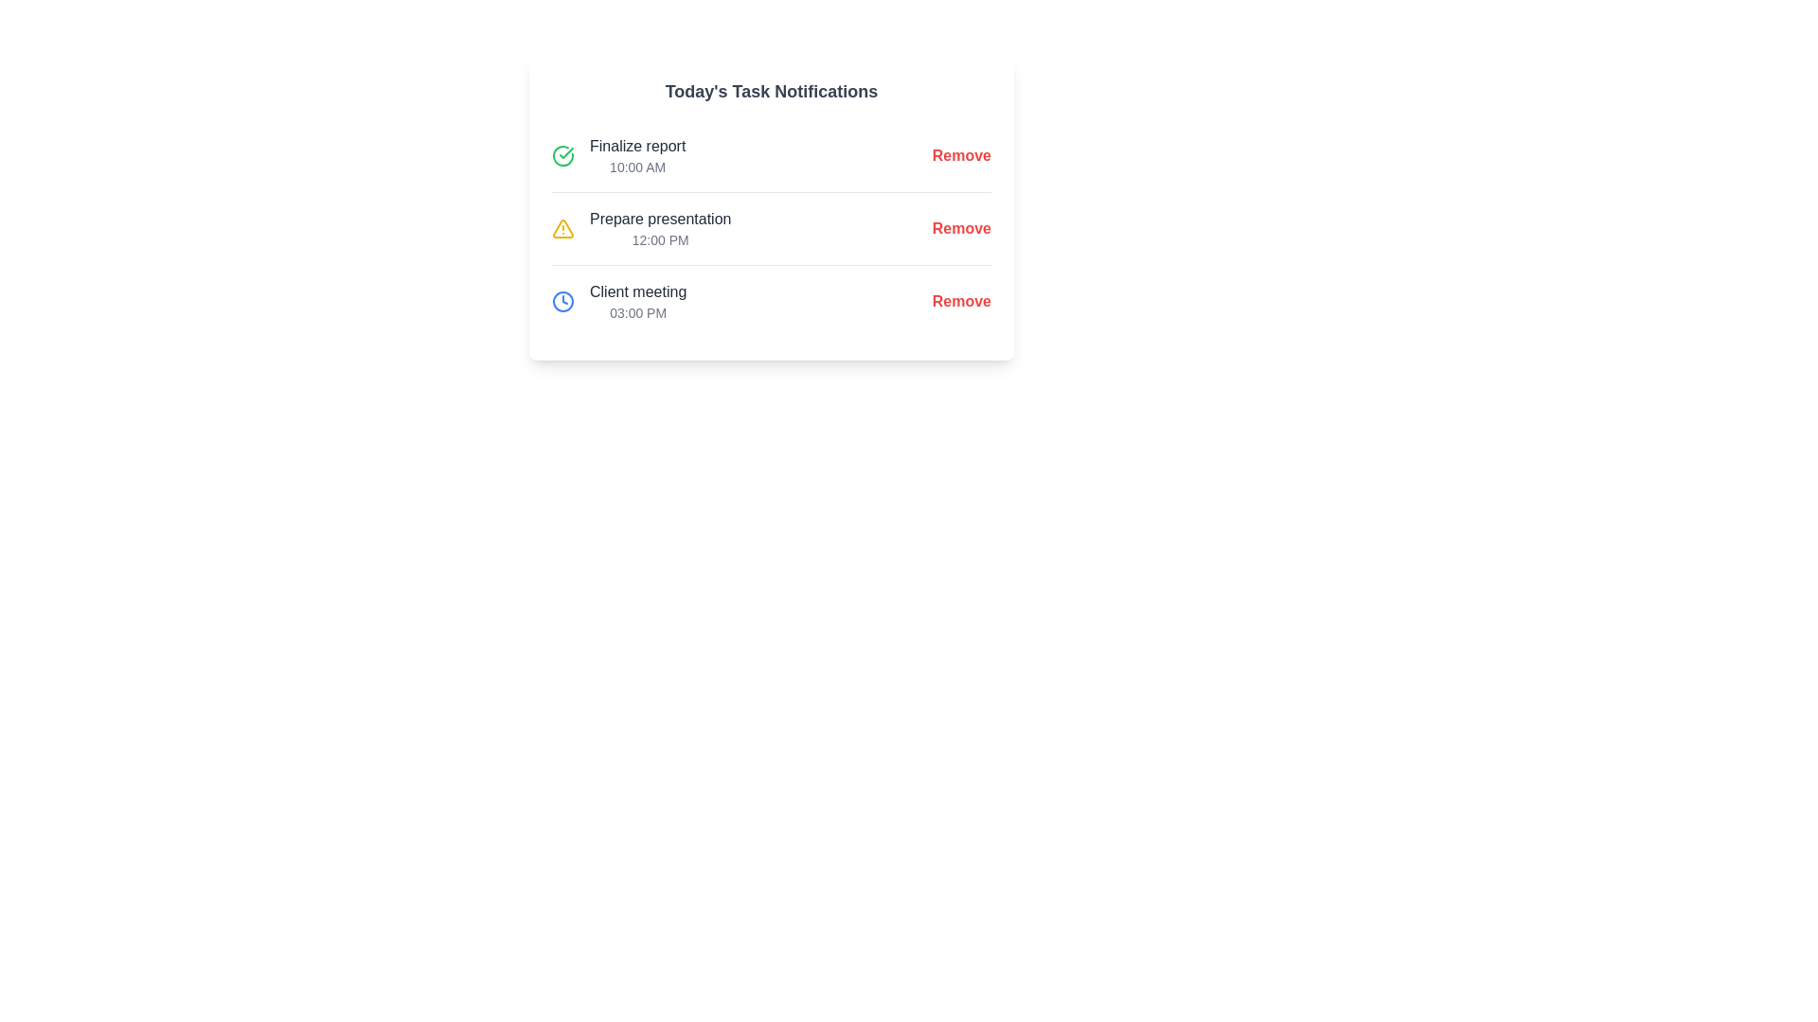 The height and width of the screenshot is (1022, 1818). Describe the element at coordinates (562, 228) in the screenshot. I see `the warning indicator icon associated with the 'Prepare presentation' notification to interact with it` at that location.